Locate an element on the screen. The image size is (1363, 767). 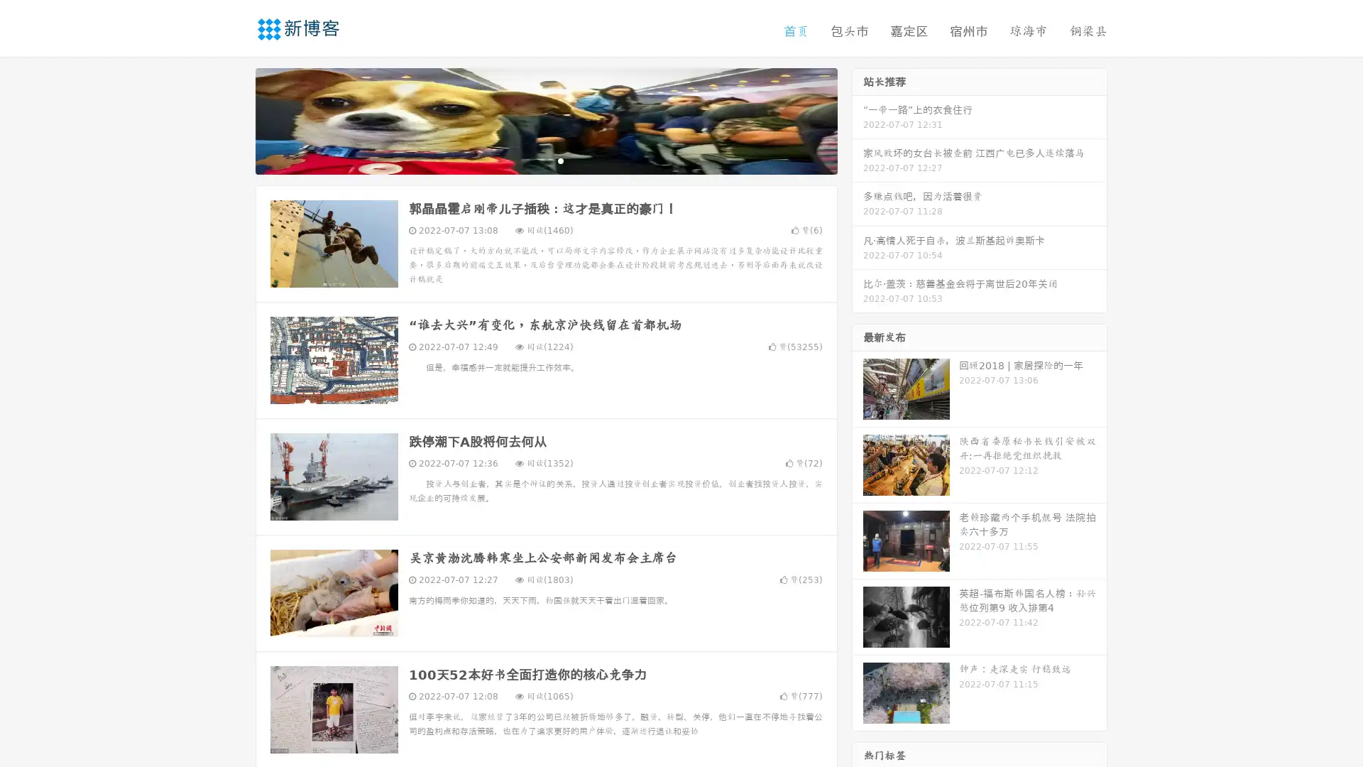
Go to slide 1 is located at coordinates (531, 160).